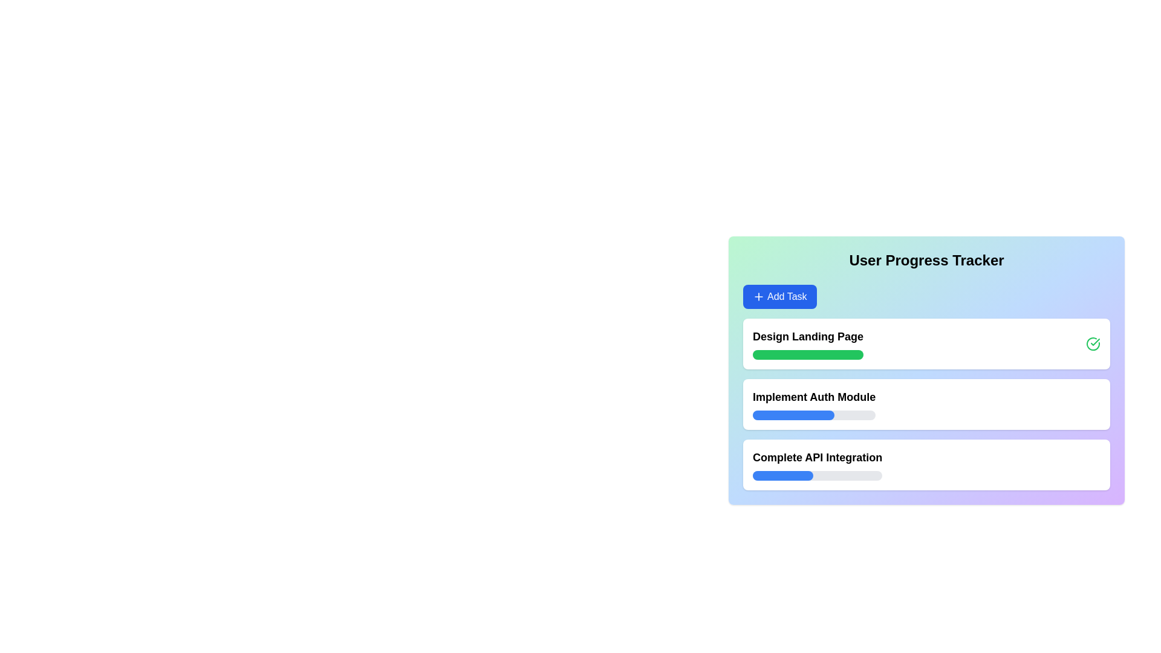 Image resolution: width=1161 pixels, height=653 pixels. I want to click on the progress bar completion, so click(773, 475).